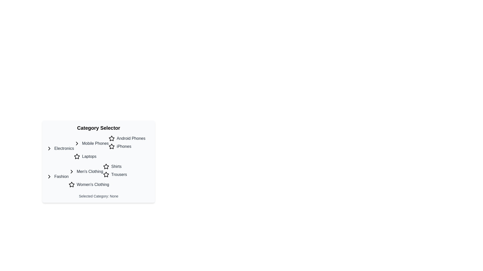  Describe the element at coordinates (49, 148) in the screenshot. I see `the rightward-pointing chevron icon located to the left of the 'Electronics' text label in the 'Category Selector' section` at that location.